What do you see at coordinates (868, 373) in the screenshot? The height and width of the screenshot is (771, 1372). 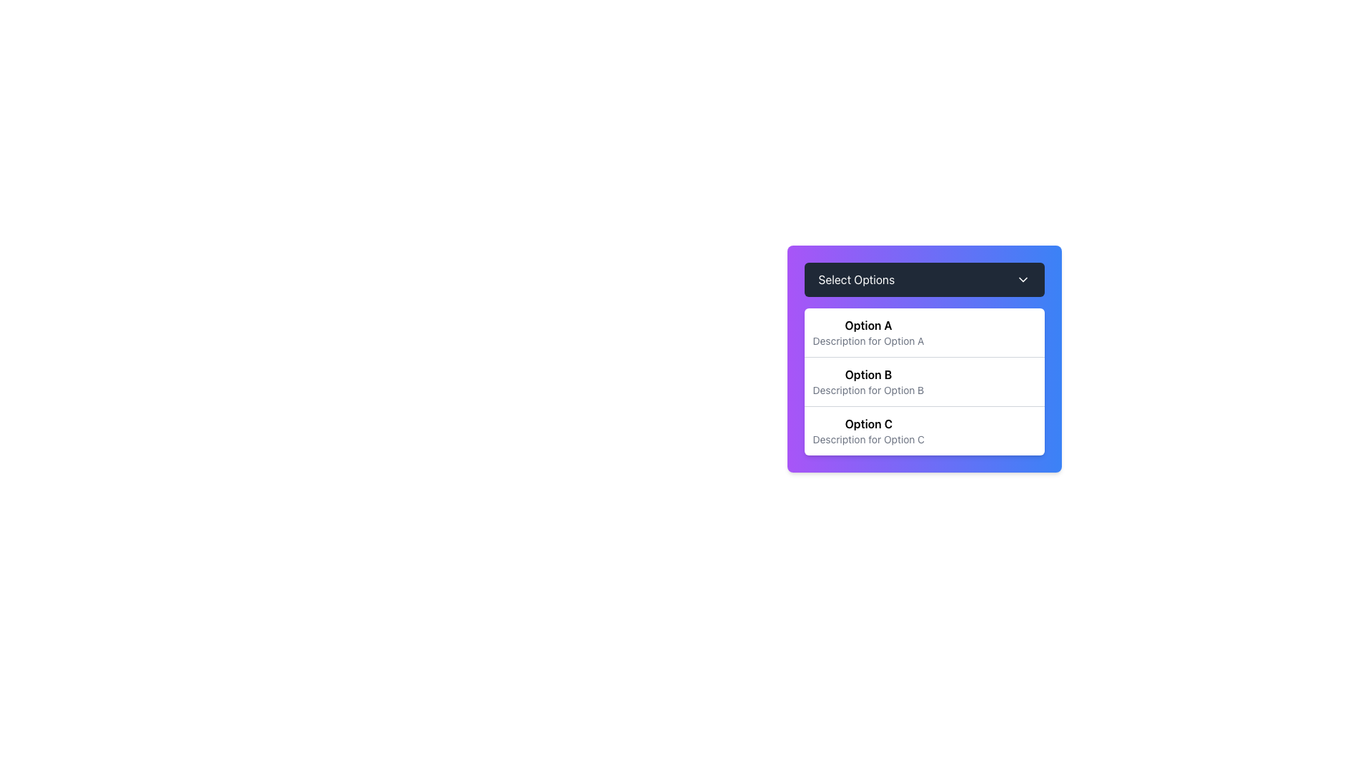 I see `the text label reading 'Option B', which is styled in bold and is part of a selectable list in a dropdown with a purple border` at bounding box center [868, 373].